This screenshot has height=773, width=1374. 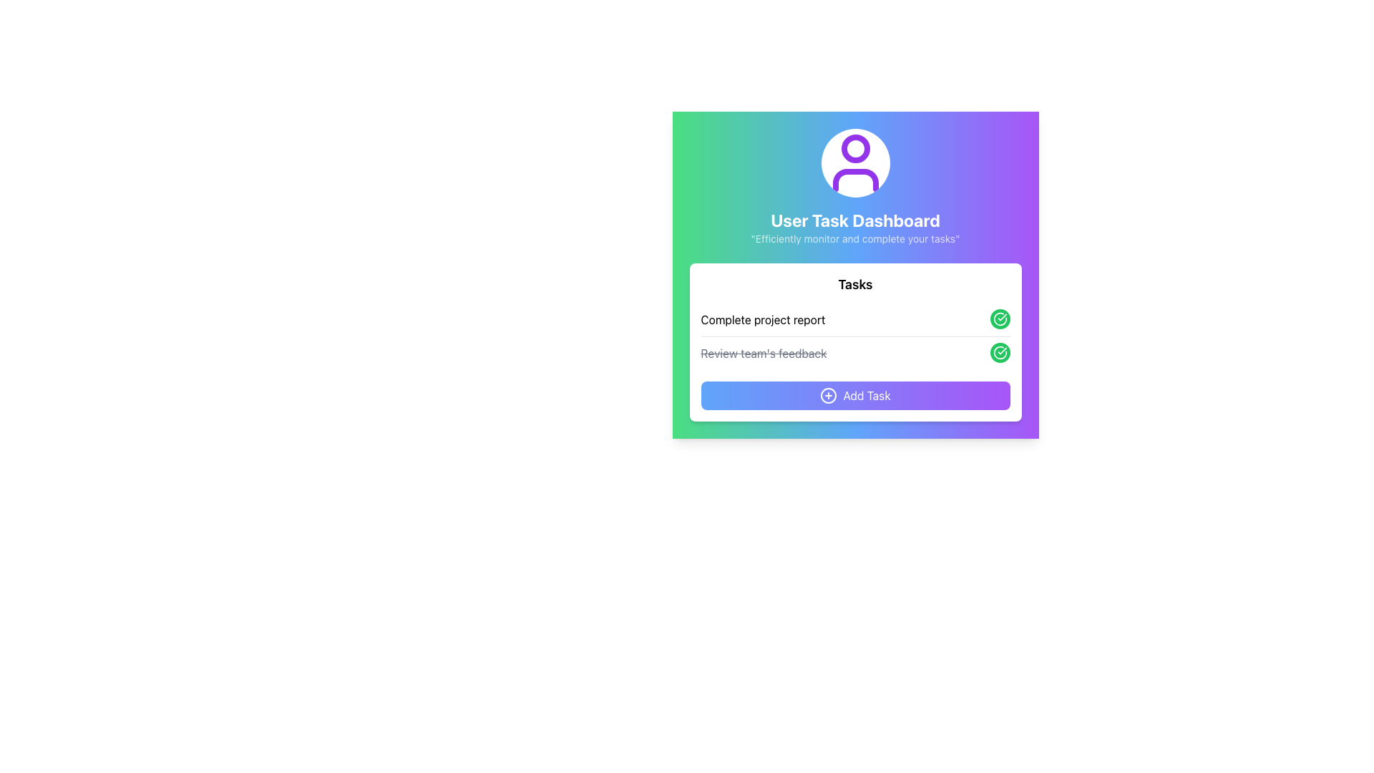 I want to click on the primary header text label reading 'User Task Dashboard', which is styled in bold and large font, positioned near the top-center of the content area, so click(x=855, y=220).